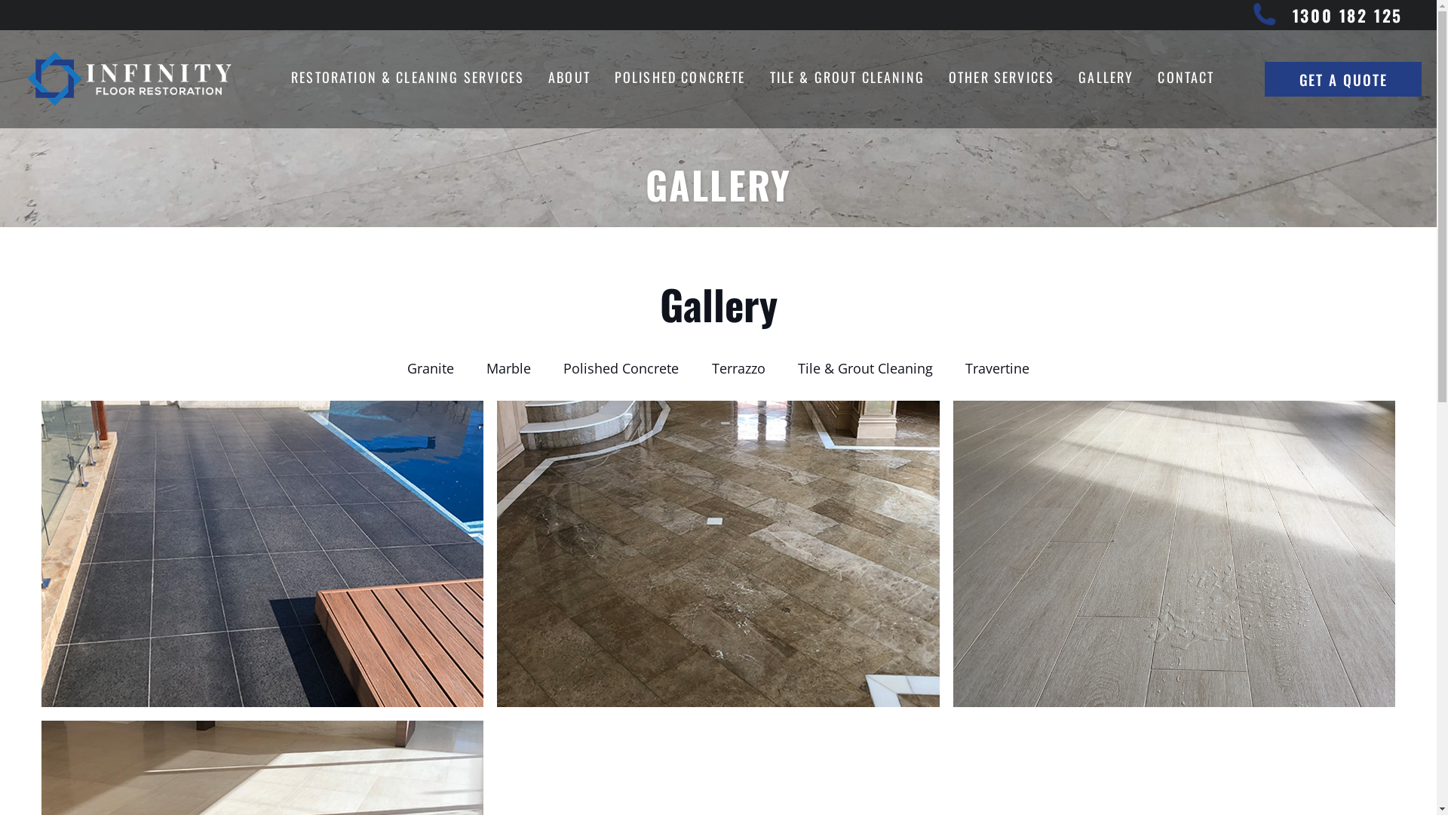 Image resolution: width=1448 pixels, height=815 pixels. What do you see at coordinates (546, 368) in the screenshot?
I see `'Polished Concrete'` at bounding box center [546, 368].